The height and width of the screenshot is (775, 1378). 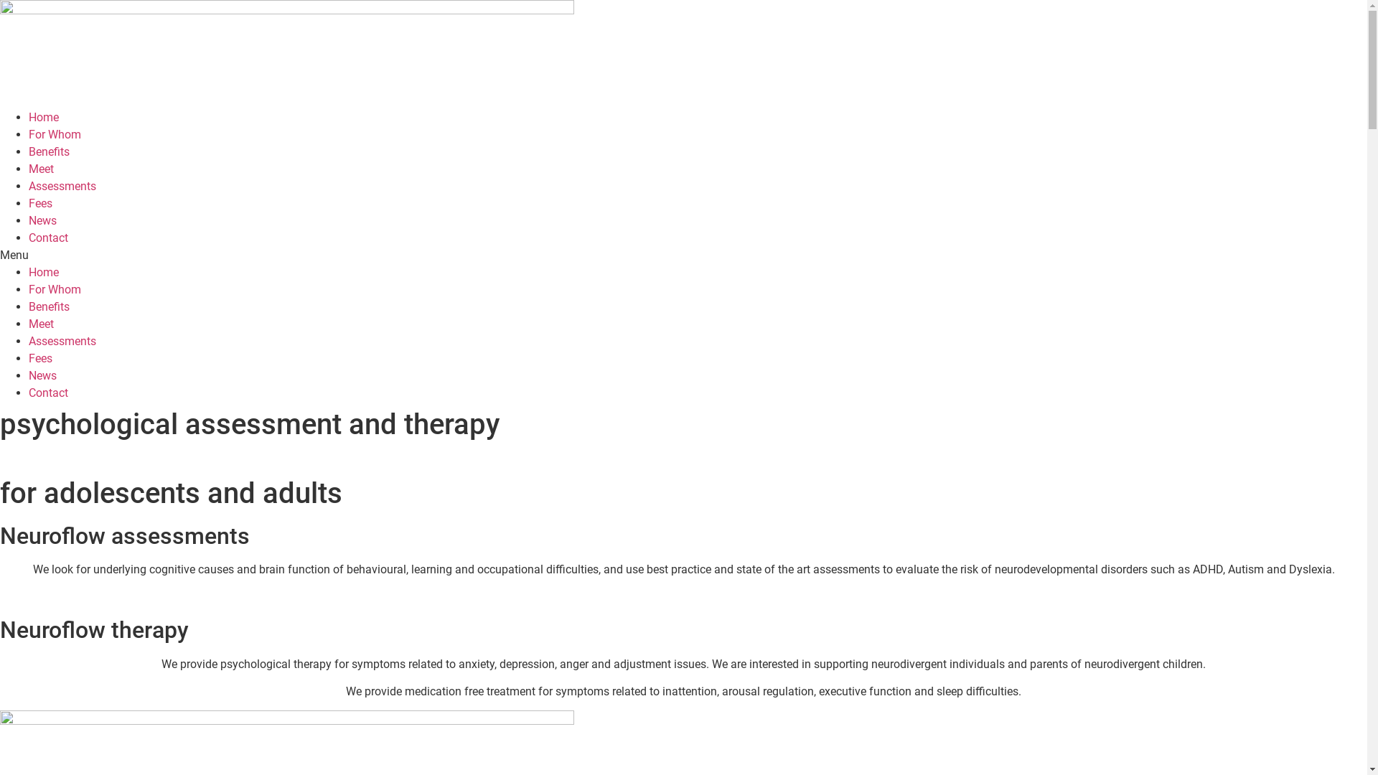 What do you see at coordinates (49, 306) in the screenshot?
I see `'Benefits'` at bounding box center [49, 306].